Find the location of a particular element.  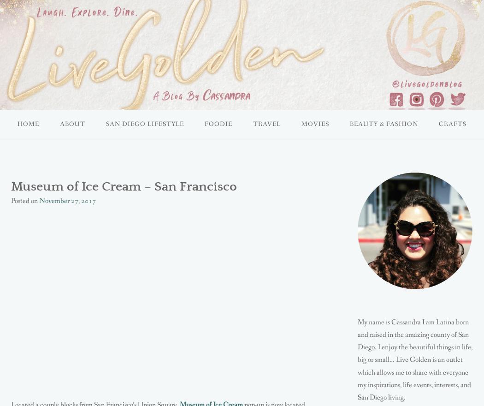

'movies' is located at coordinates (315, 124).